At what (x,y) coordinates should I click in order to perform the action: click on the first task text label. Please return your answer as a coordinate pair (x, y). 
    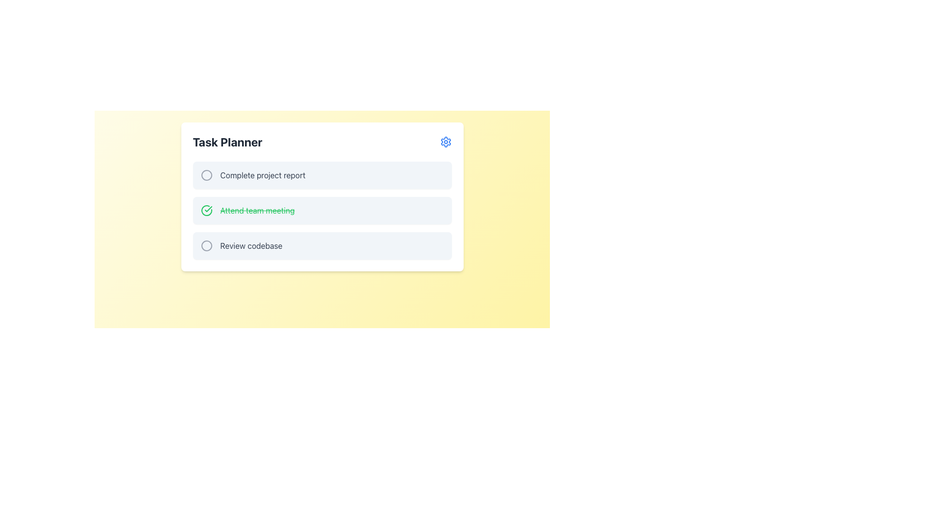
    Looking at the image, I should click on (263, 175).